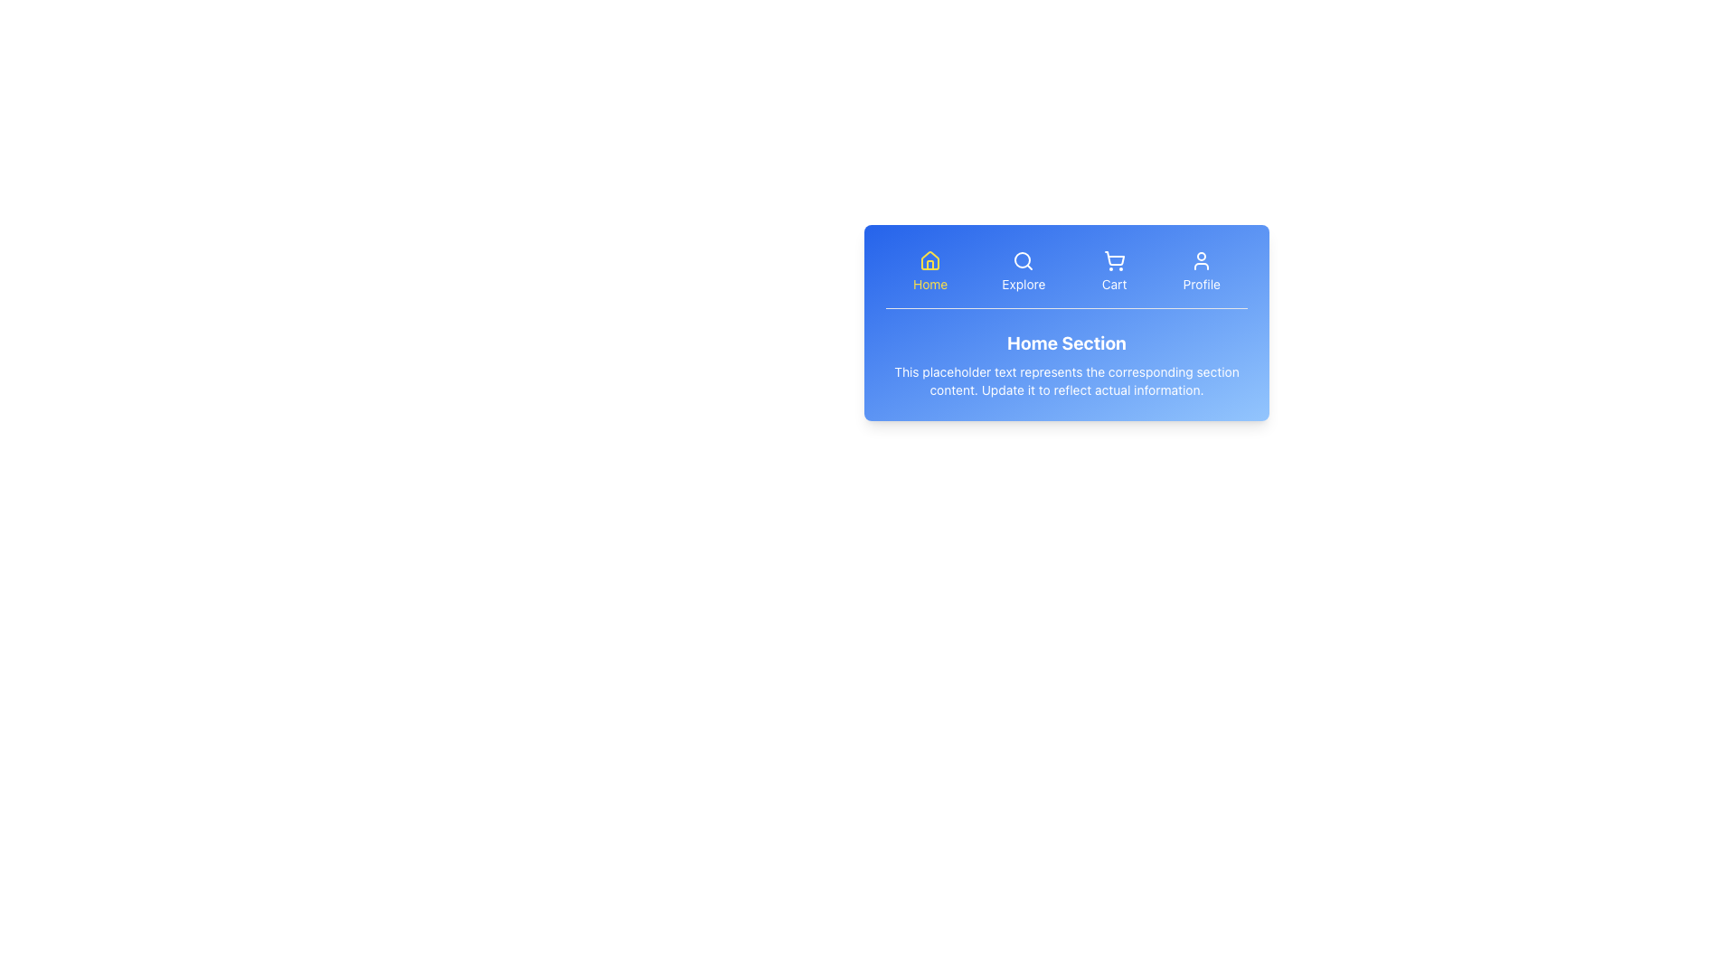  What do you see at coordinates (1024, 261) in the screenshot?
I see `the second icon in the navigation bar, which is located to the right of the 'Home' icon and to the left of the 'Cart' icon` at bounding box center [1024, 261].